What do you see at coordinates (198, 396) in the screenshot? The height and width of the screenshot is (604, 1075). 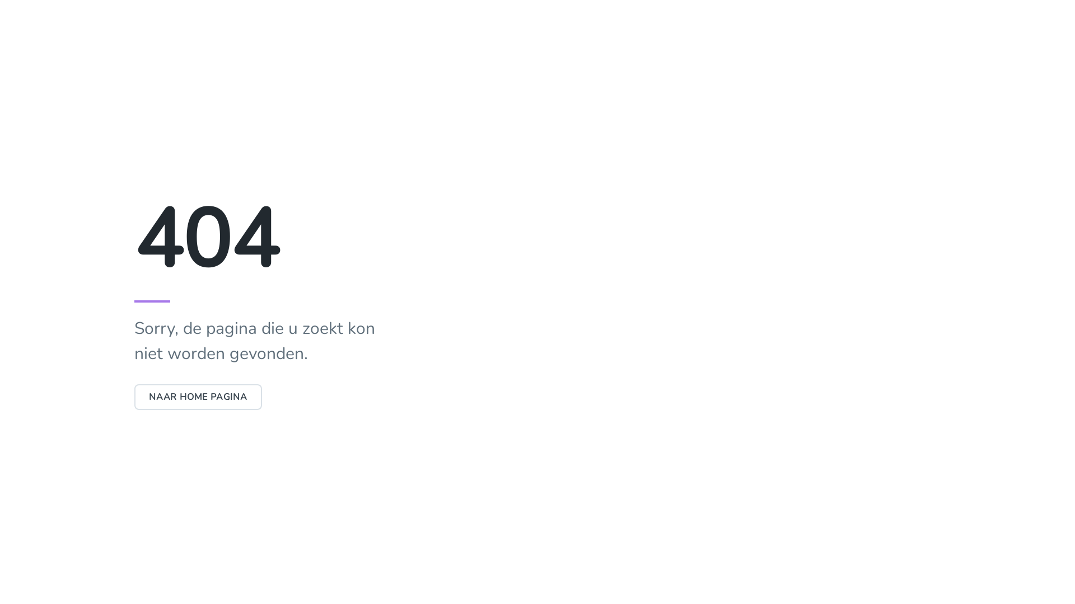 I see `'NAAR HOME PAGINA'` at bounding box center [198, 396].